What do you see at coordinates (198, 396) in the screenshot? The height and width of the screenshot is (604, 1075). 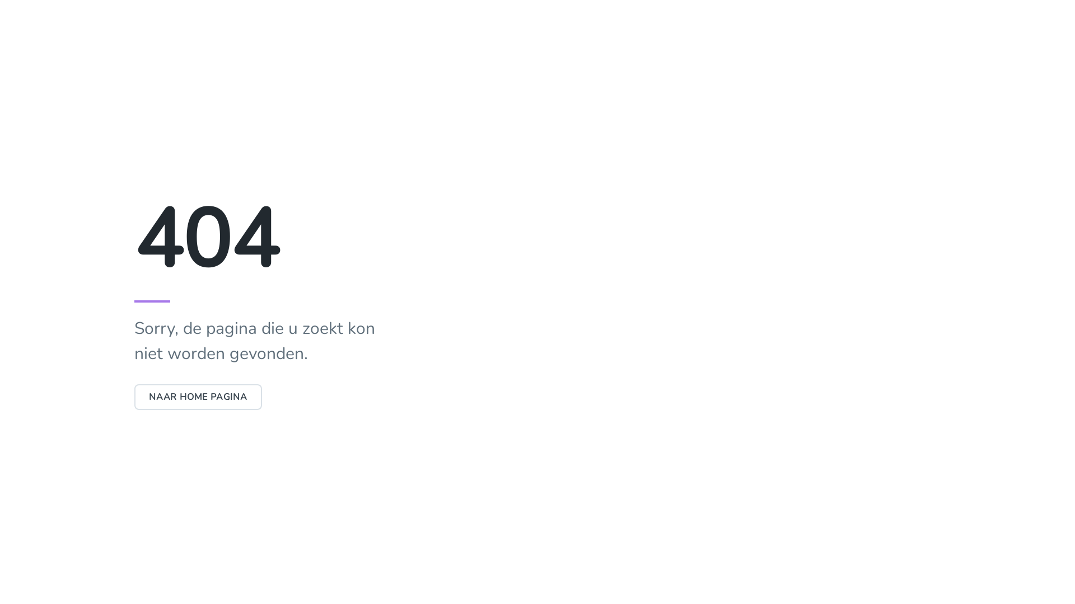 I see `'NAAR HOME PAGINA'` at bounding box center [198, 396].